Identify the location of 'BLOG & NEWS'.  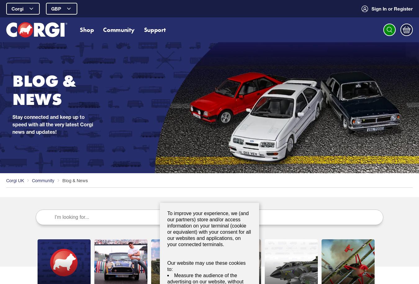
(12, 90).